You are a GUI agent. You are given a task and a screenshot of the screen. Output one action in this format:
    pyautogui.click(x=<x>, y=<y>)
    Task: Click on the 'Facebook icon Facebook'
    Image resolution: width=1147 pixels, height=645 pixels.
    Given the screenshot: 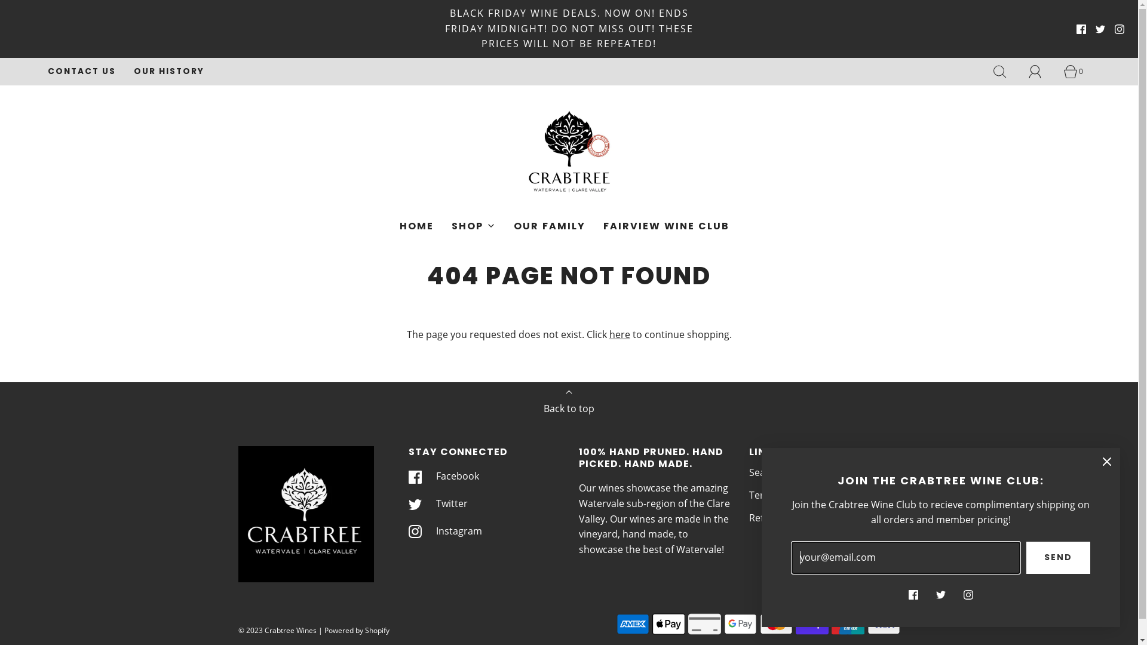 What is the action you would take?
    pyautogui.click(x=443, y=476)
    